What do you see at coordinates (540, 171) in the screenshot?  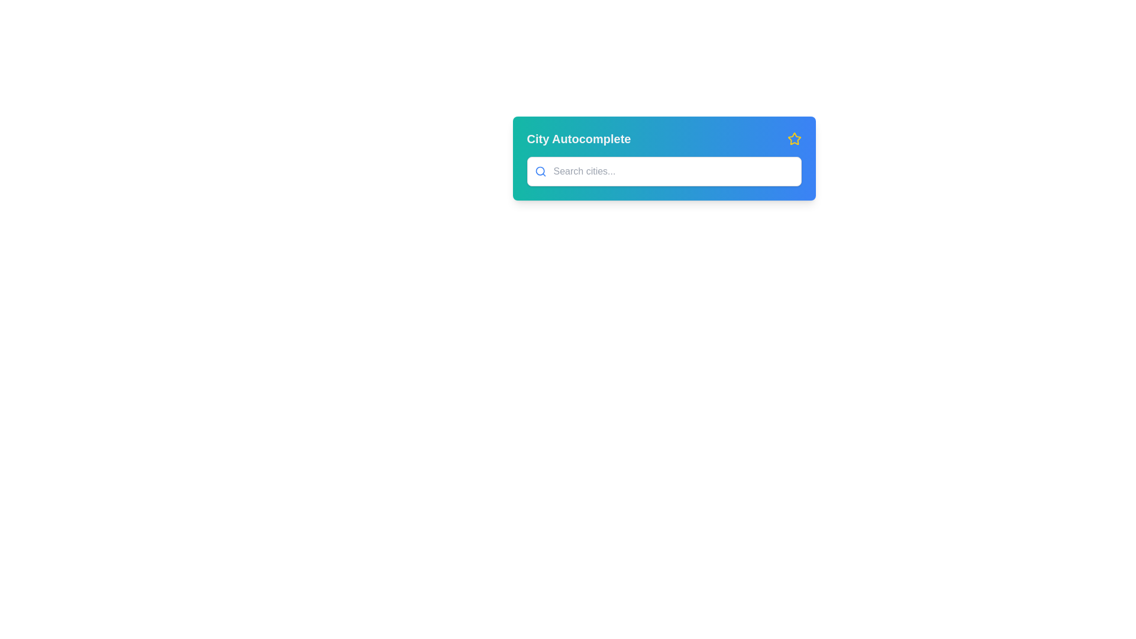 I see `the magnifying glass icon on the left side of the text input field` at bounding box center [540, 171].